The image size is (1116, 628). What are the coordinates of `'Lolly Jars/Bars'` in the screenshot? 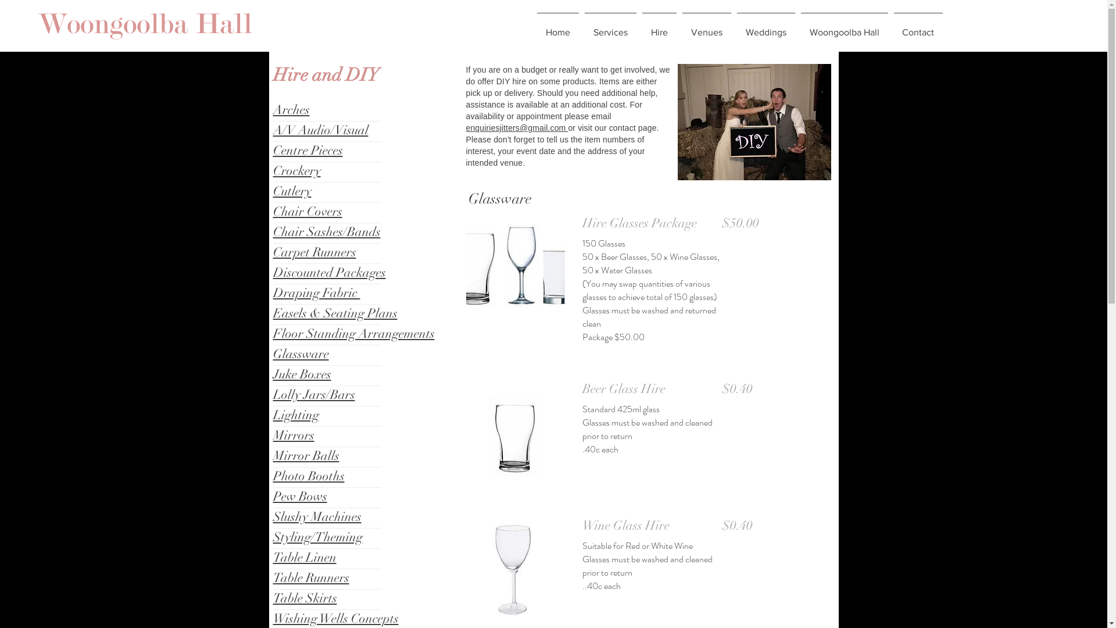 It's located at (314, 394).